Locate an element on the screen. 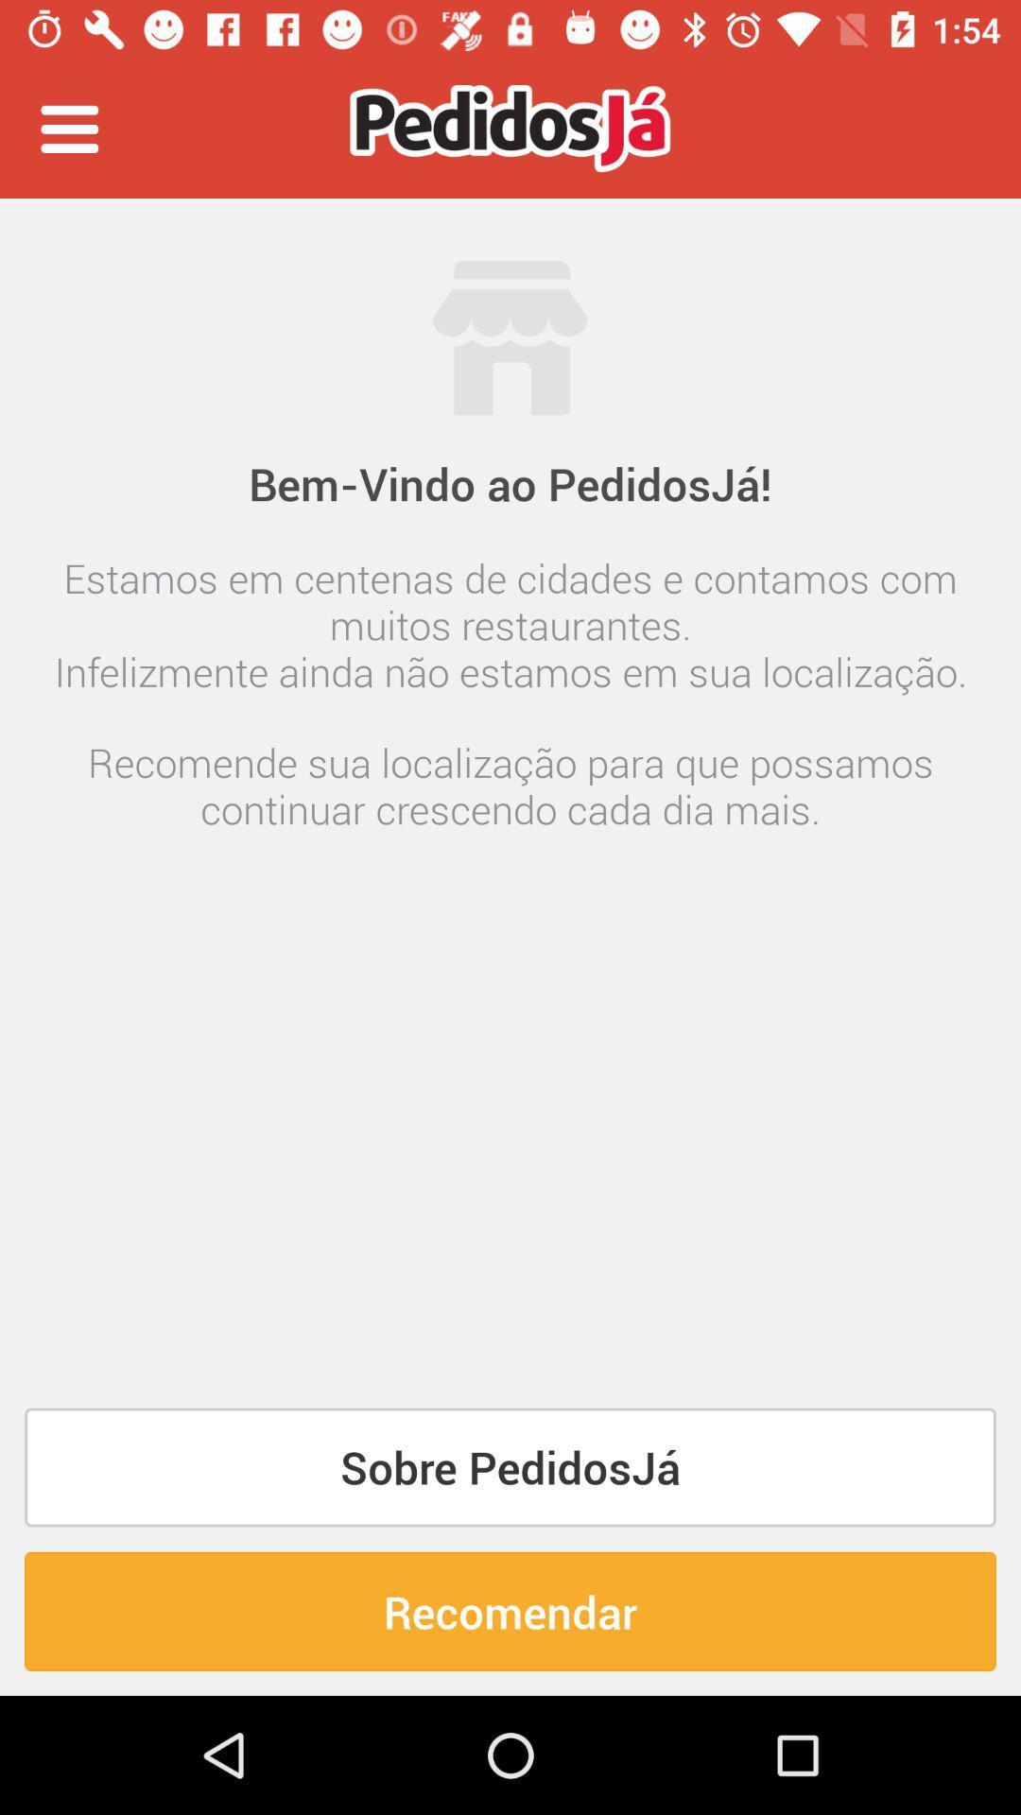  item above bem vindo ao is located at coordinates (68, 128).